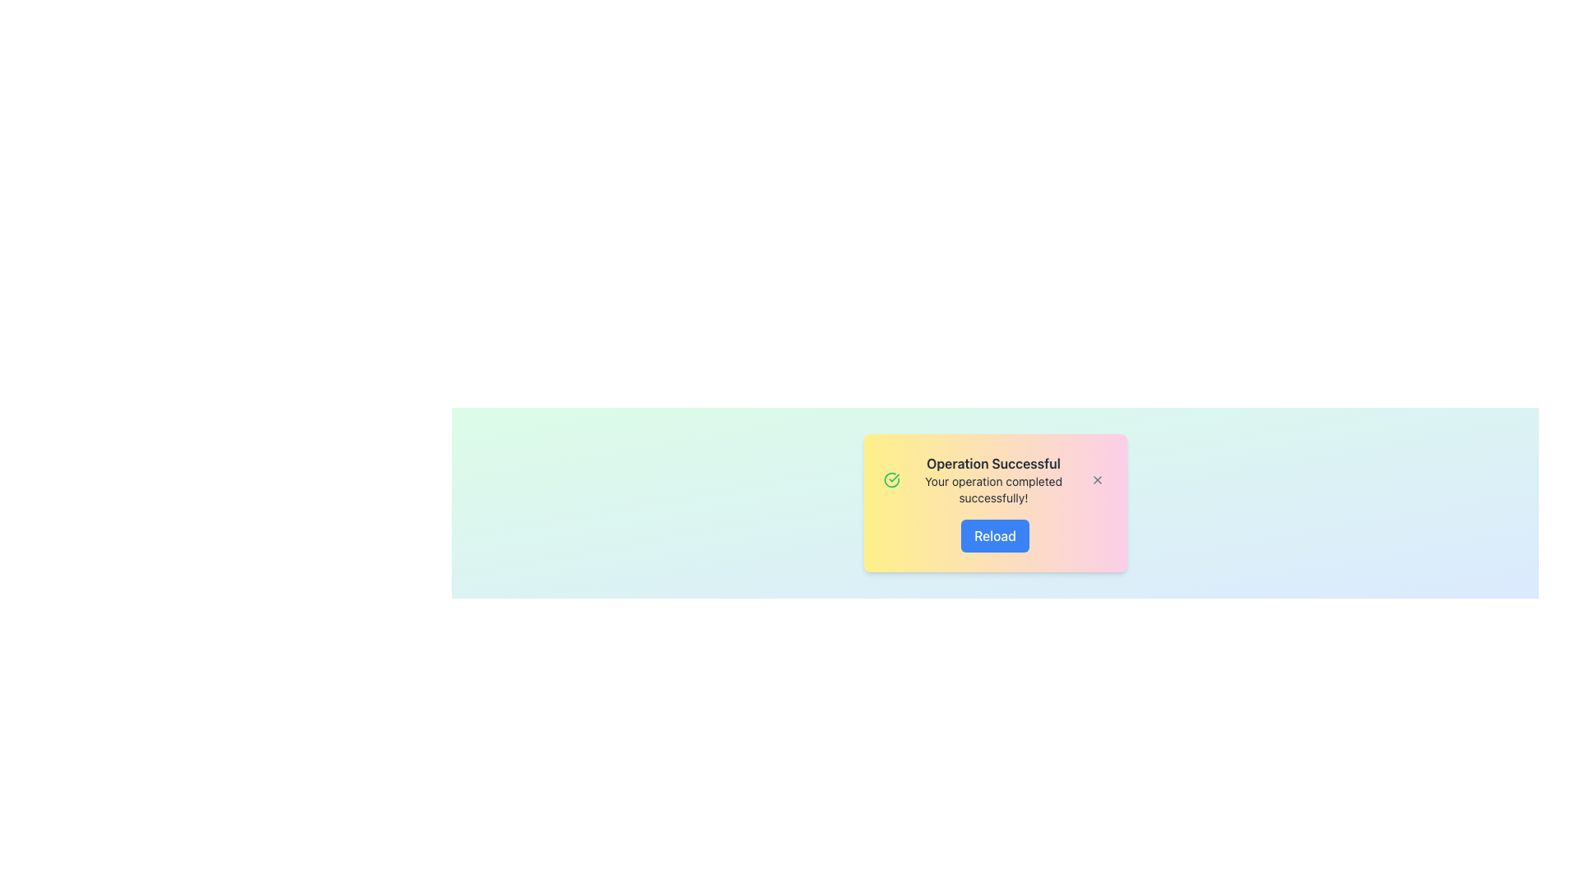 This screenshot has width=1580, height=888. I want to click on the 'Reload' button located in the lower half of the notification card, so click(994, 535).